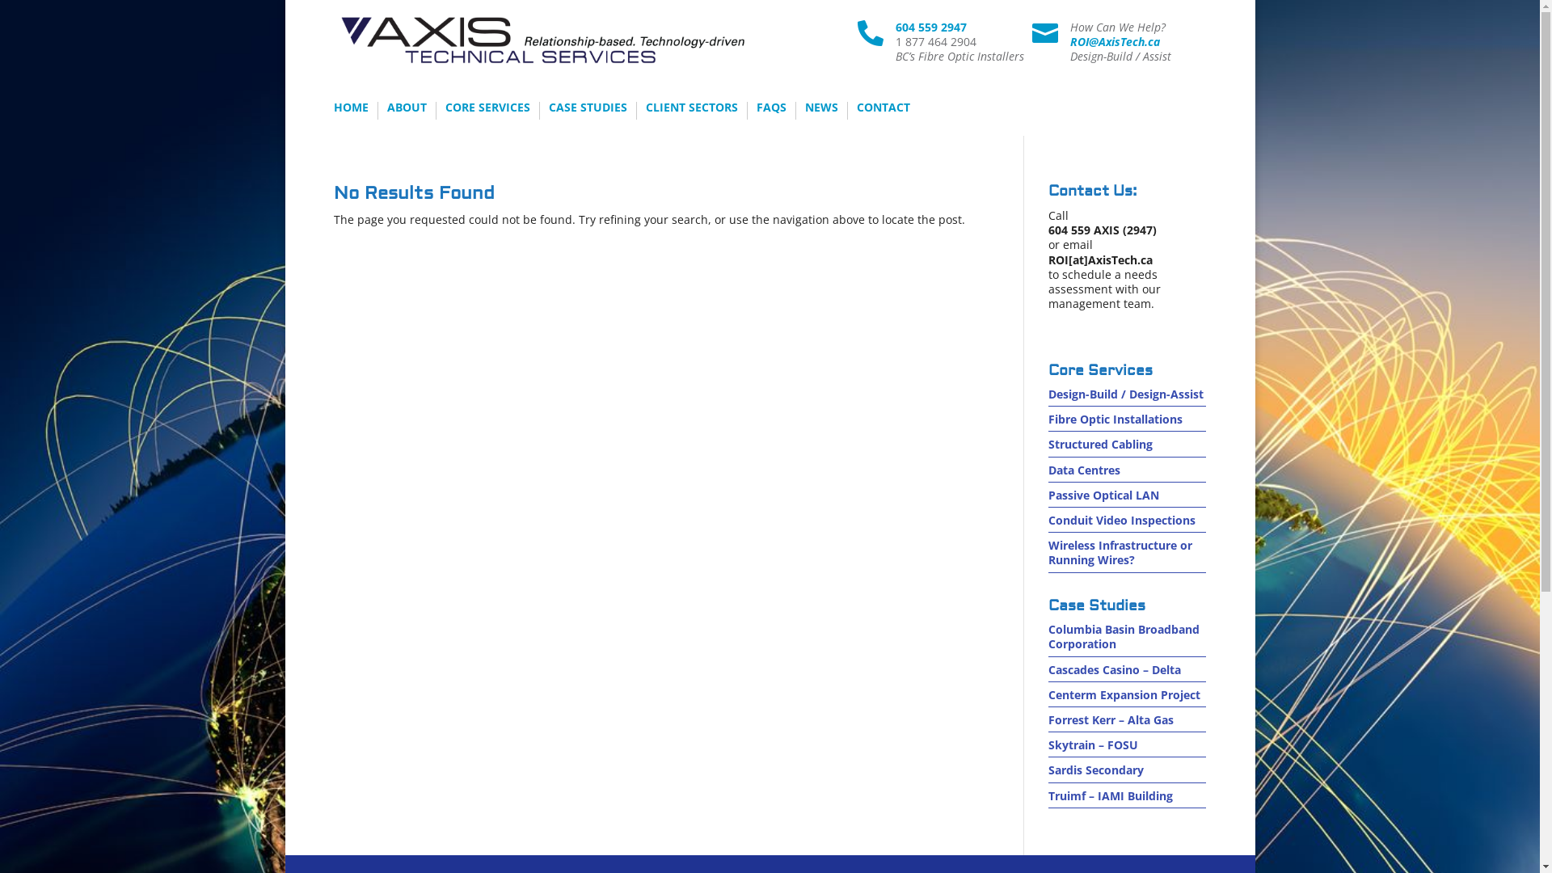  What do you see at coordinates (756, 110) in the screenshot?
I see `'FAQS'` at bounding box center [756, 110].